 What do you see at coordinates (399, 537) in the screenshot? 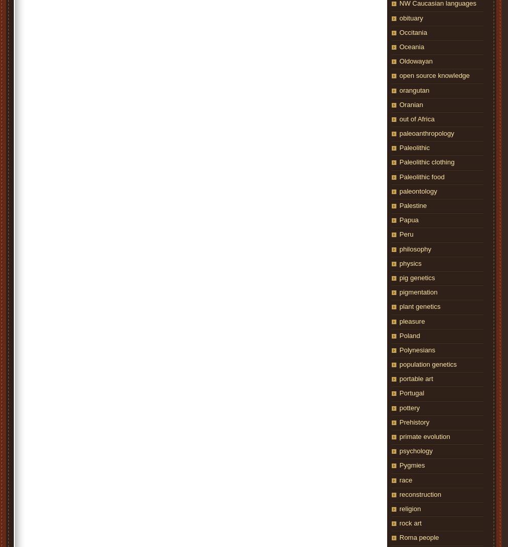
I see `'Roma people'` at bounding box center [399, 537].